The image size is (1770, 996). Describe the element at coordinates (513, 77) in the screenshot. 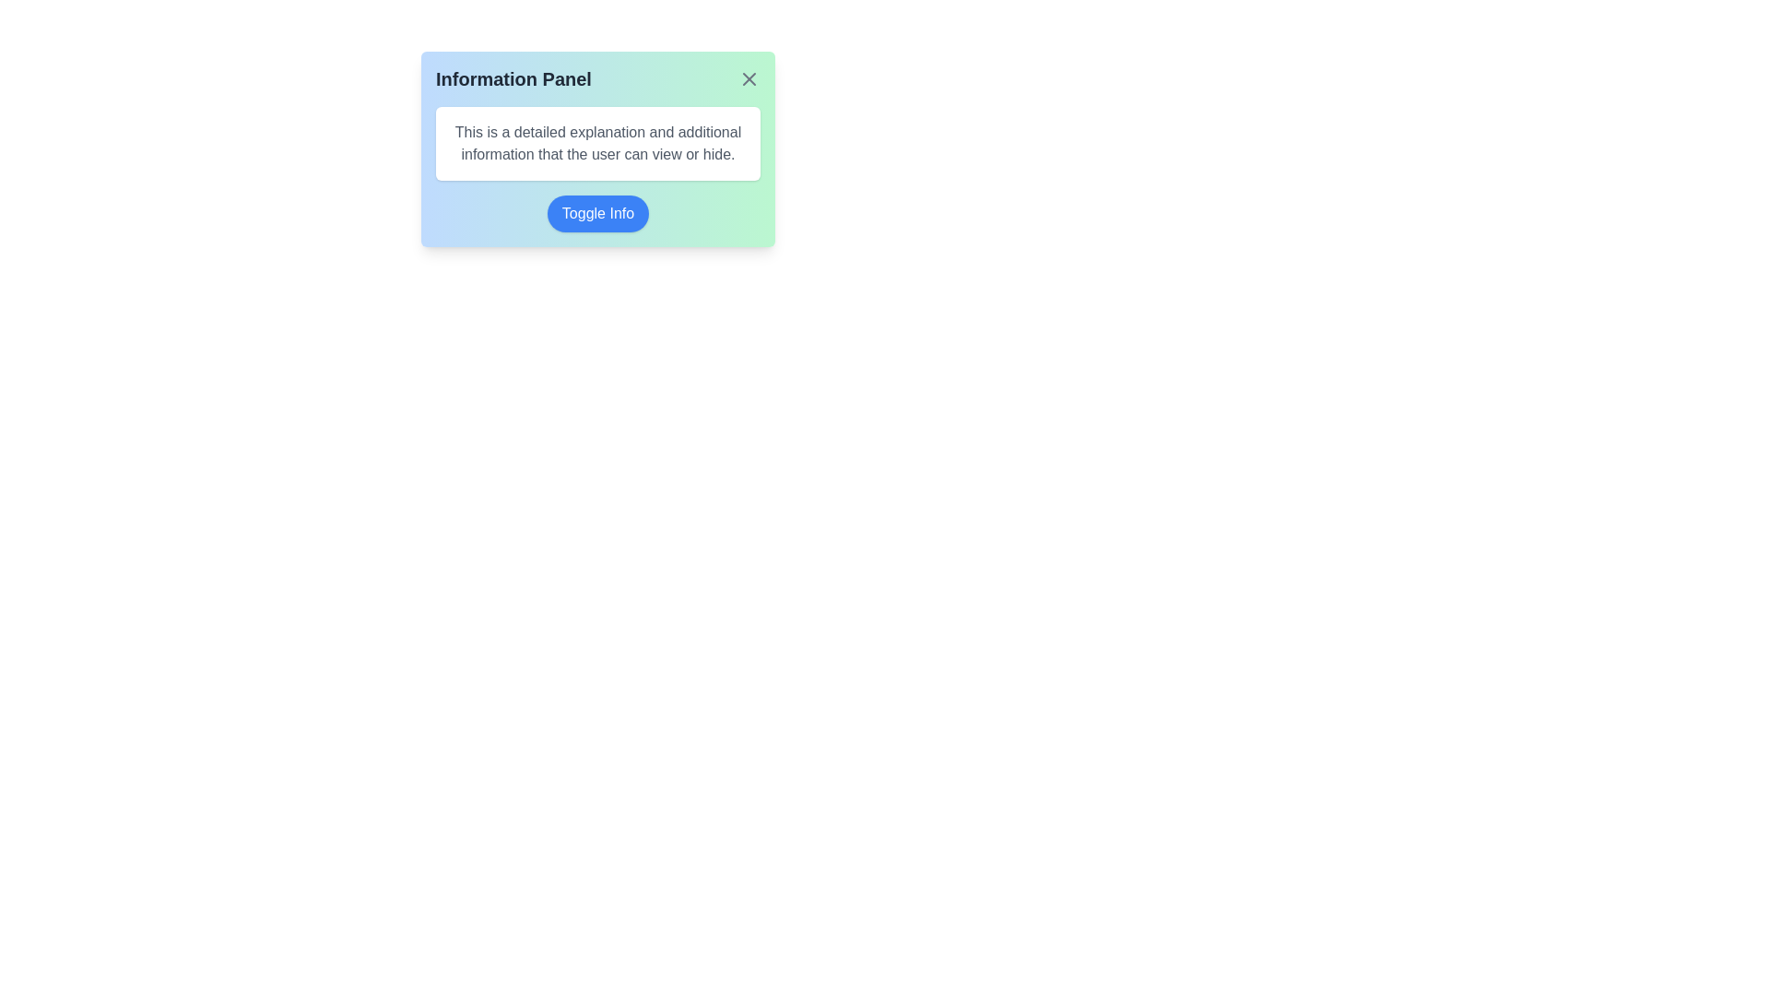

I see `the 'Information Panel' heading label, which is a prominently styled text label in bold and large font at the top-left corner of the modal` at that location.